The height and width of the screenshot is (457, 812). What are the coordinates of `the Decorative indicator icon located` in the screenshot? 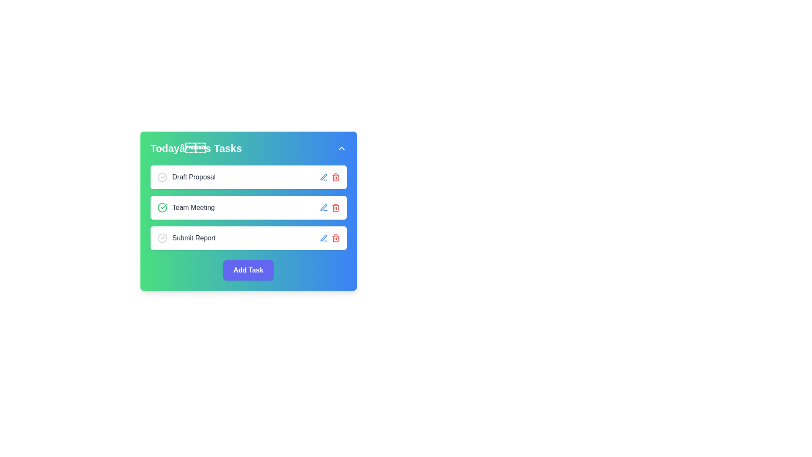 It's located at (162, 177).